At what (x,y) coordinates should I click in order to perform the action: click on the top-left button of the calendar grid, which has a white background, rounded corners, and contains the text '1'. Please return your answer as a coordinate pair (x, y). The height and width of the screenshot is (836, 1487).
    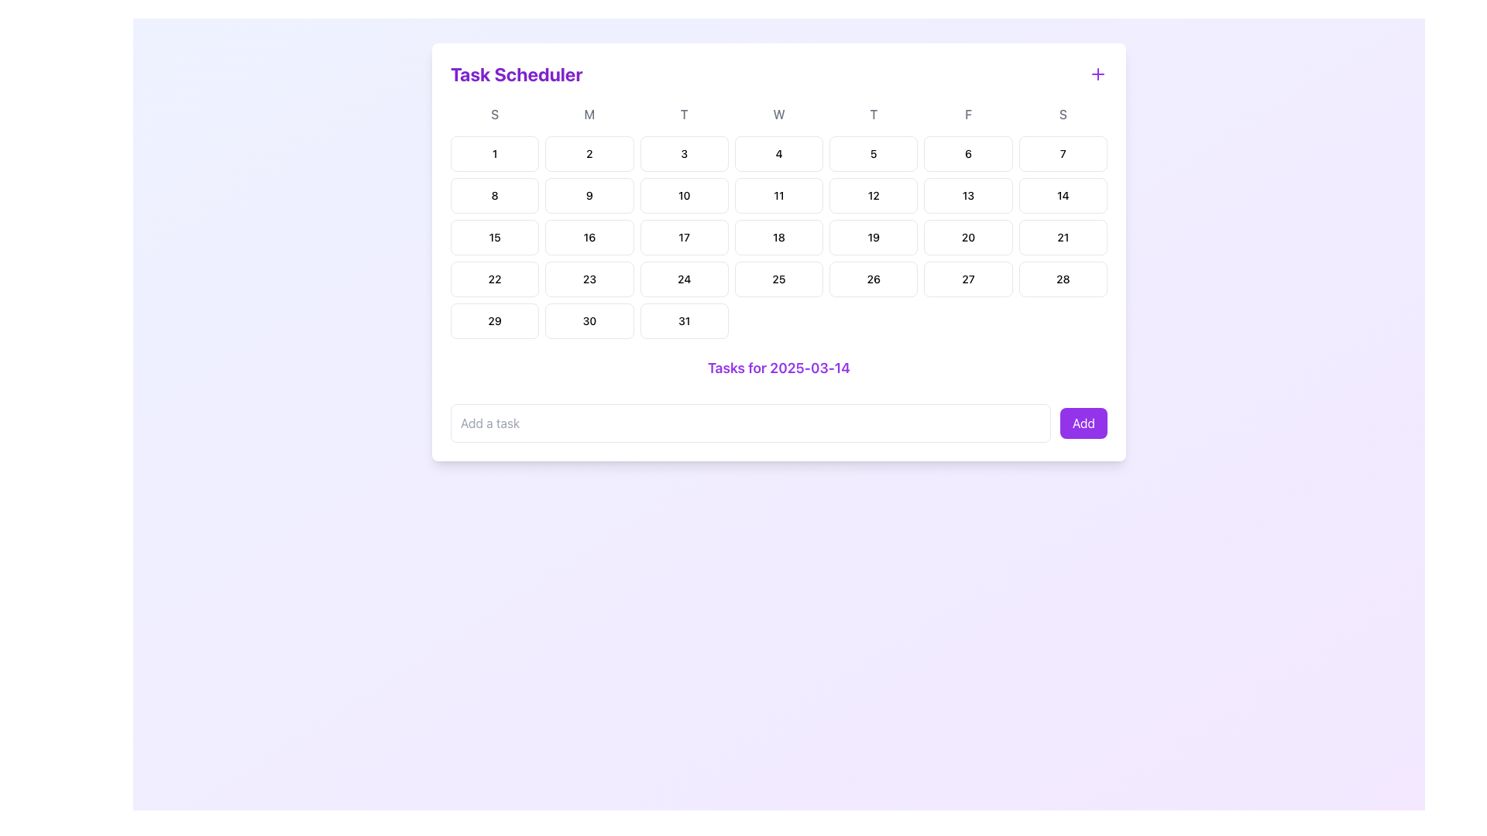
    Looking at the image, I should click on (494, 154).